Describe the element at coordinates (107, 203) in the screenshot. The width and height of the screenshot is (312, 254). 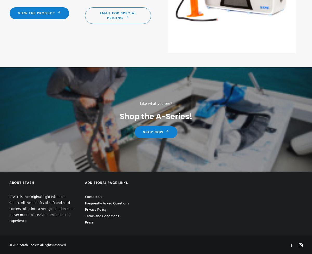
I see `'Frequently Asked Questions'` at that location.